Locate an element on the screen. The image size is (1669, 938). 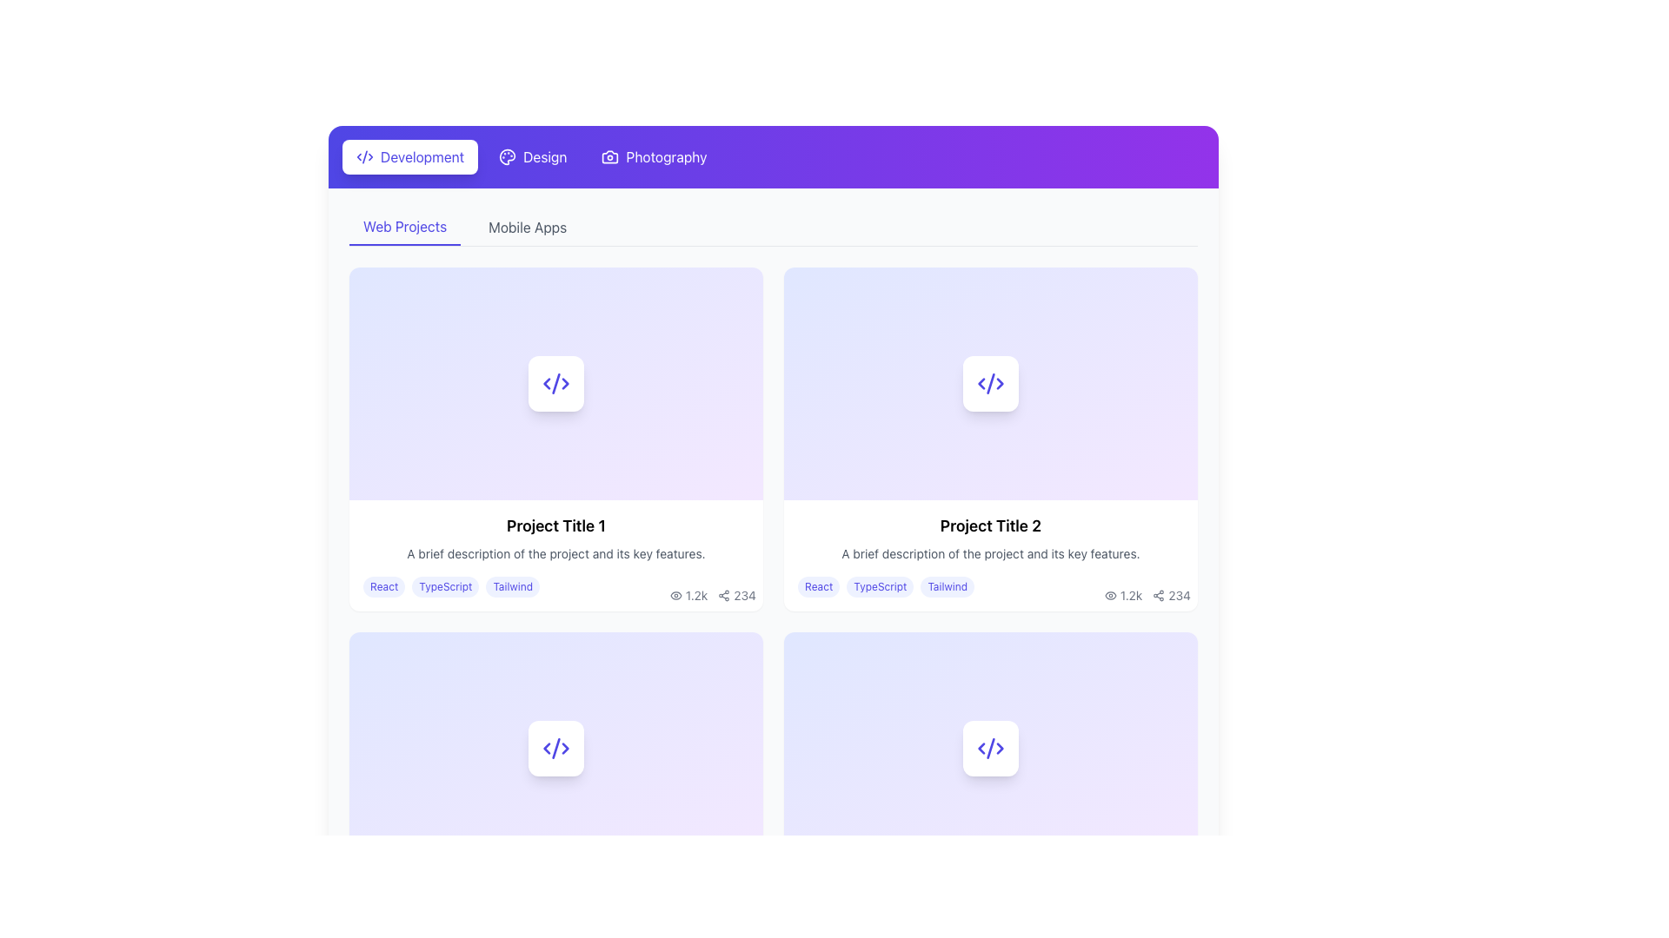
the circular button with a GitHub icon by is located at coordinates (708, 652).